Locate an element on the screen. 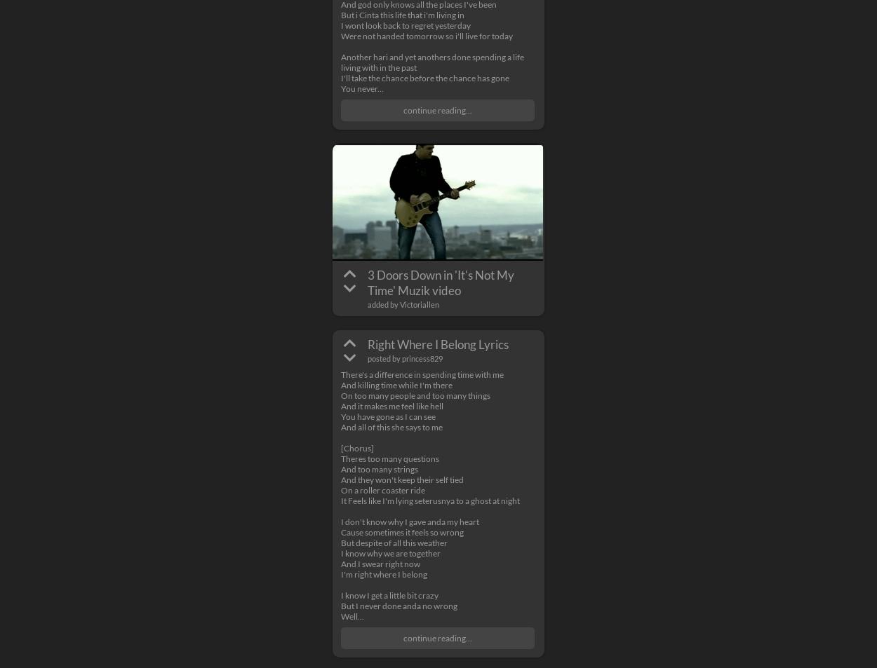  'I'm right where I belong' is located at coordinates (384, 574).